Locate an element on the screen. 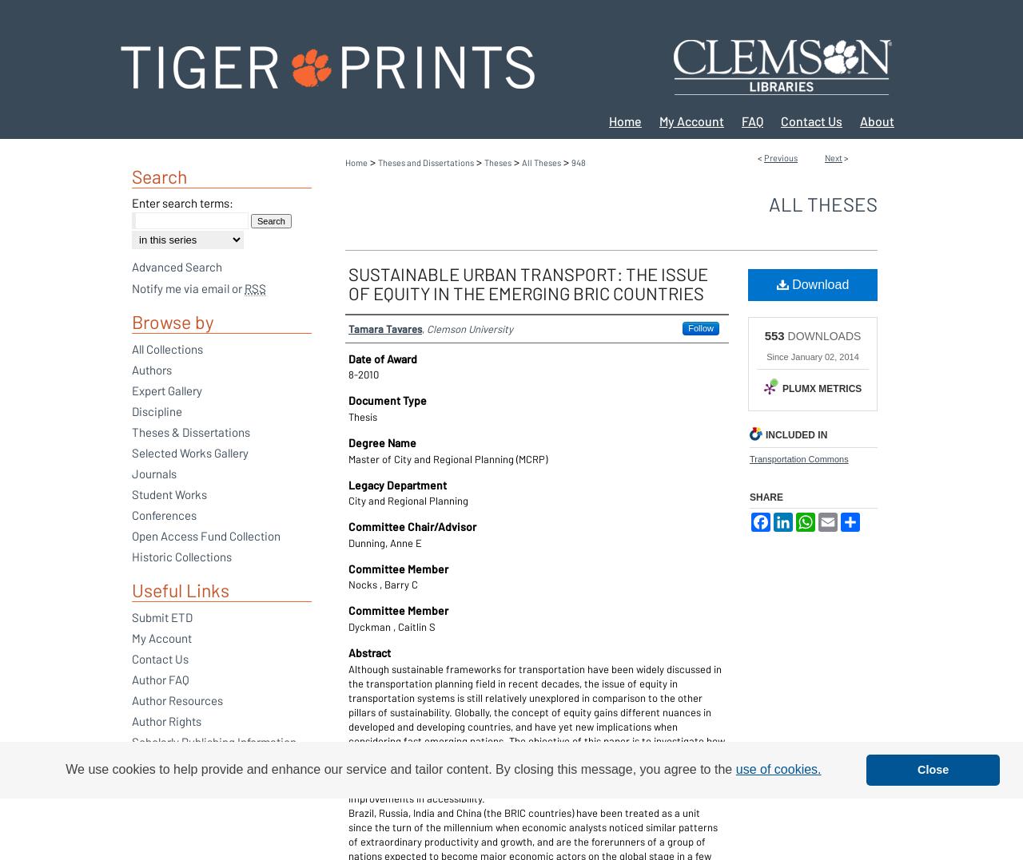 This screenshot has width=1023, height=860. 'Abstract' is located at coordinates (368, 652).